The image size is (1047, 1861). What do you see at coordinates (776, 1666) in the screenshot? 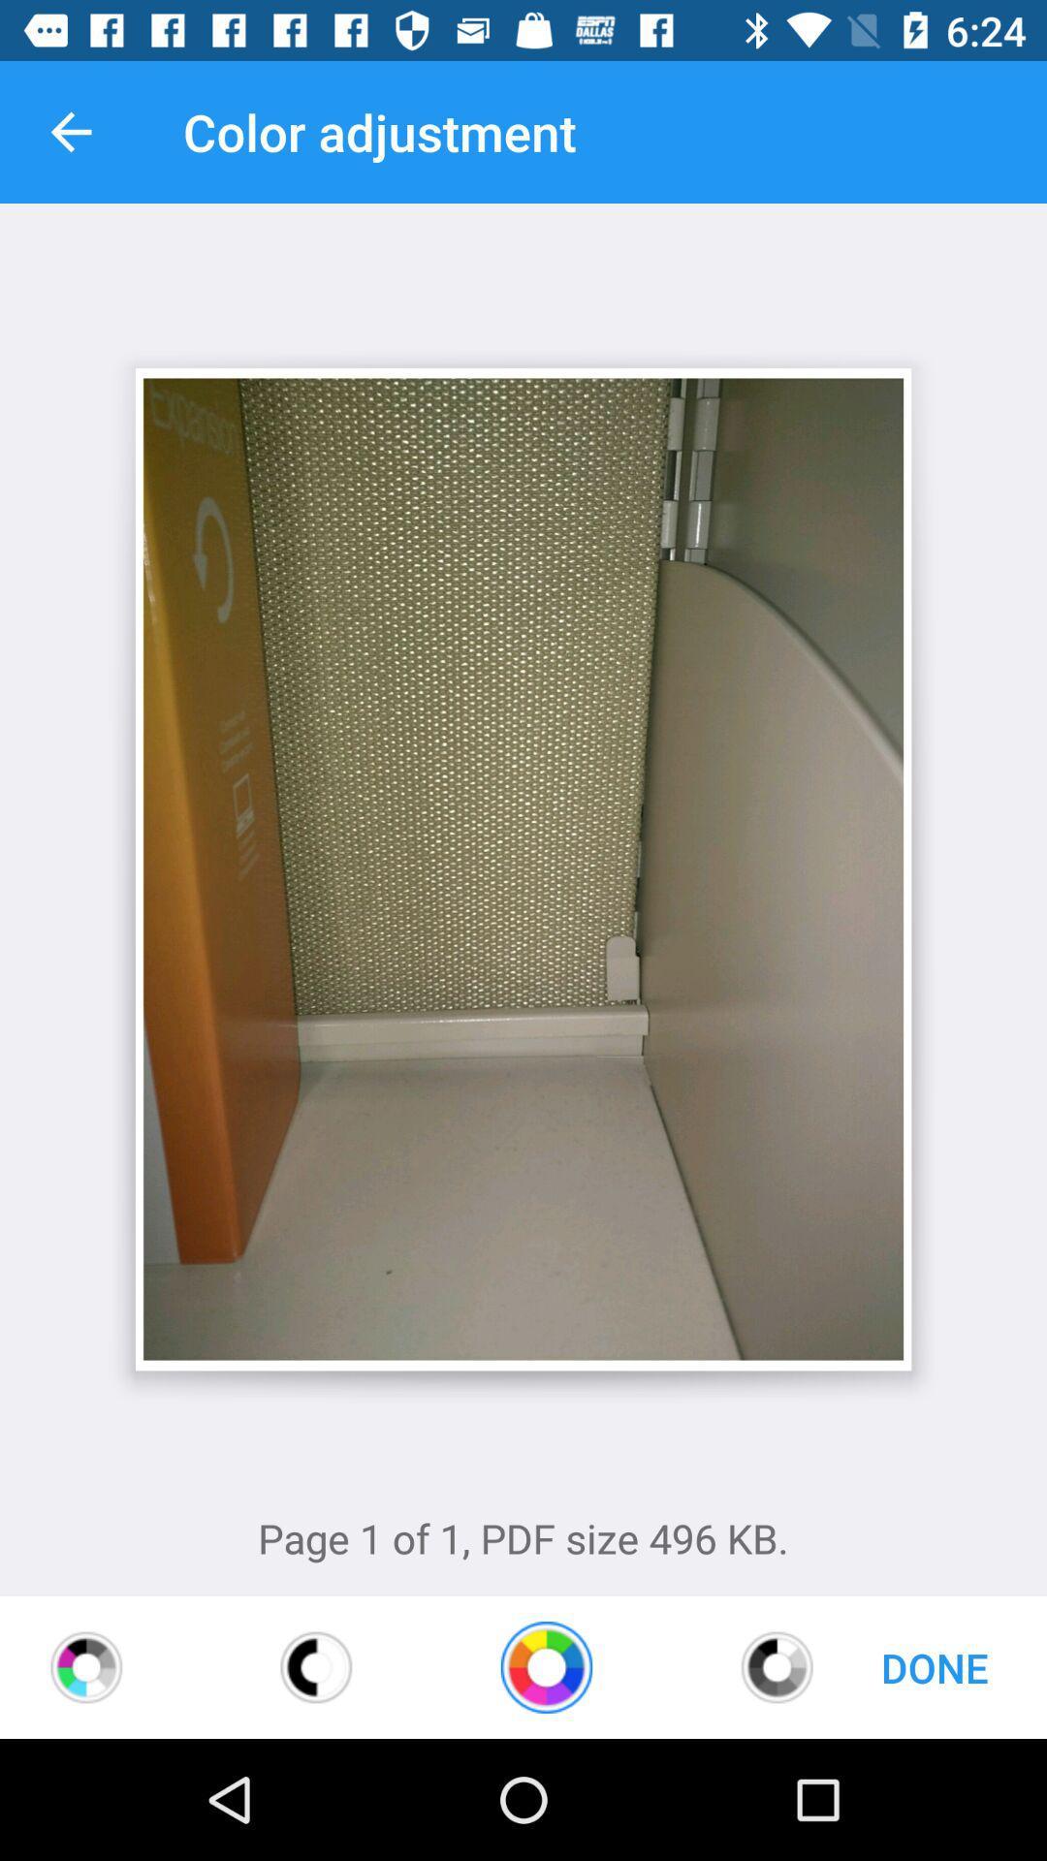
I see `the icon to the left of the done` at bounding box center [776, 1666].